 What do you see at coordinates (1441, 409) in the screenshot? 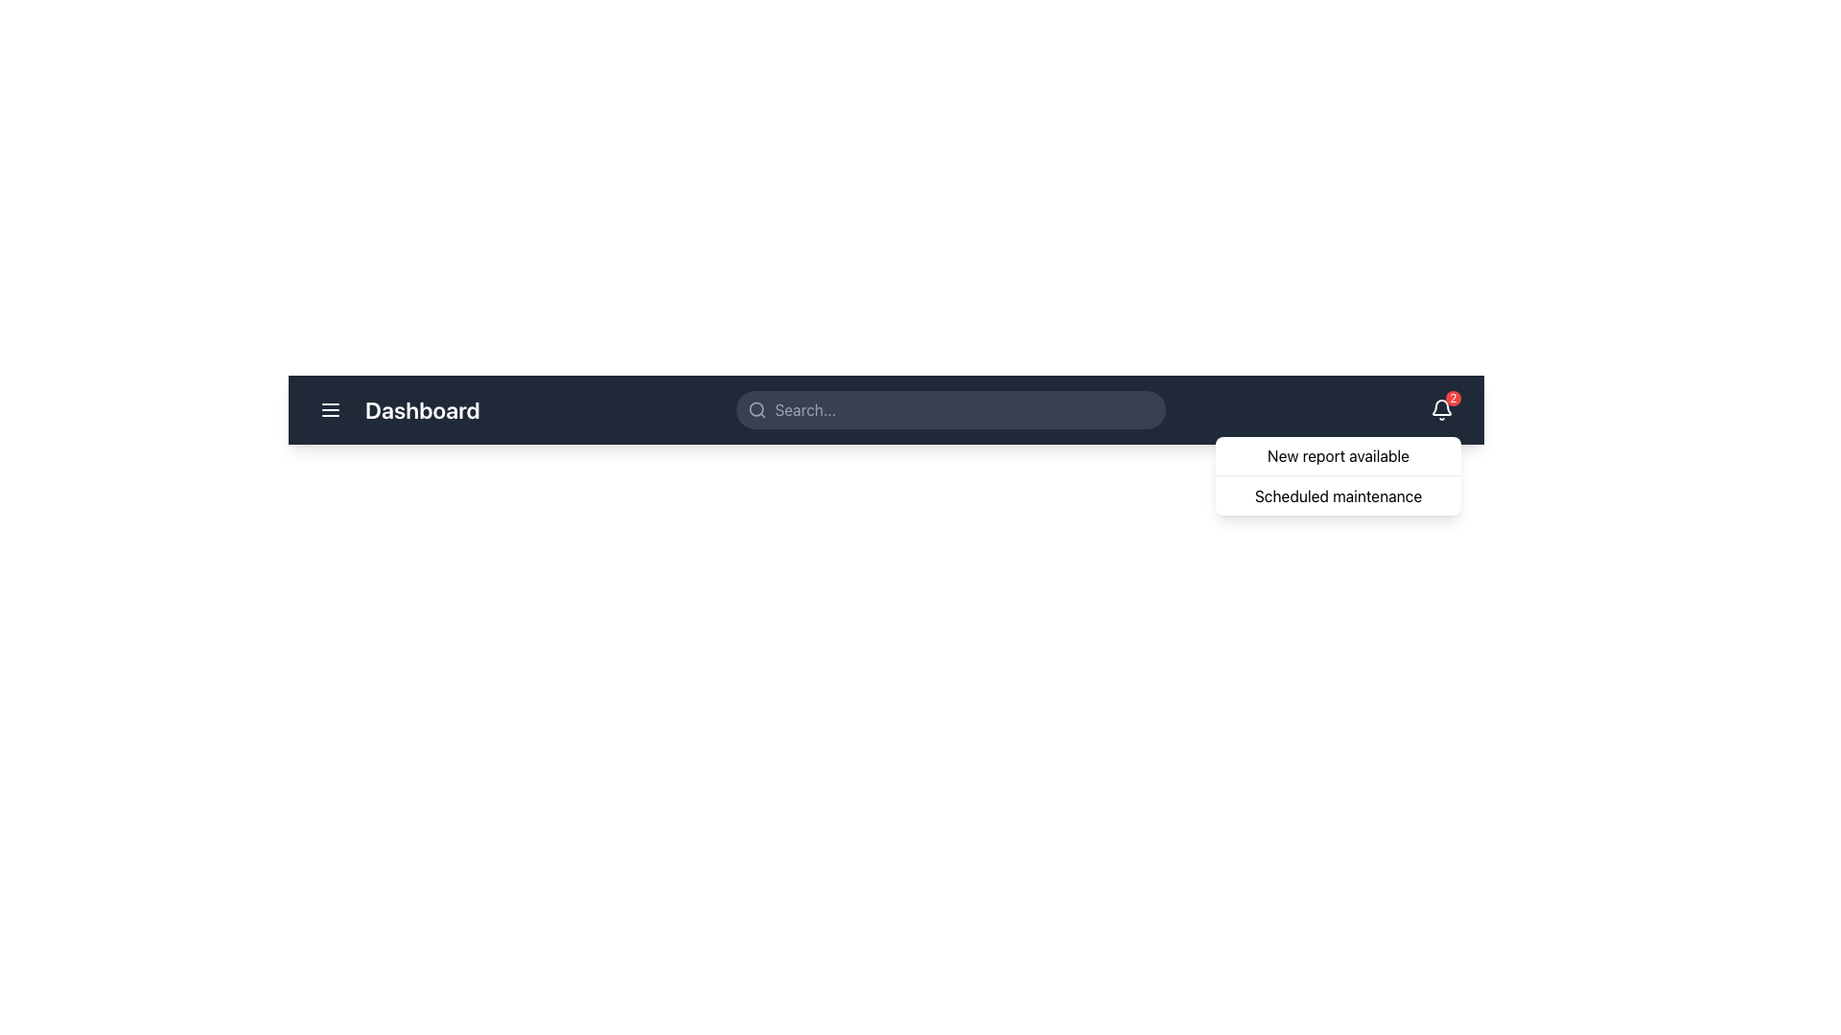
I see `the notification bell icon with a red badge indicating unread notifications` at bounding box center [1441, 409].